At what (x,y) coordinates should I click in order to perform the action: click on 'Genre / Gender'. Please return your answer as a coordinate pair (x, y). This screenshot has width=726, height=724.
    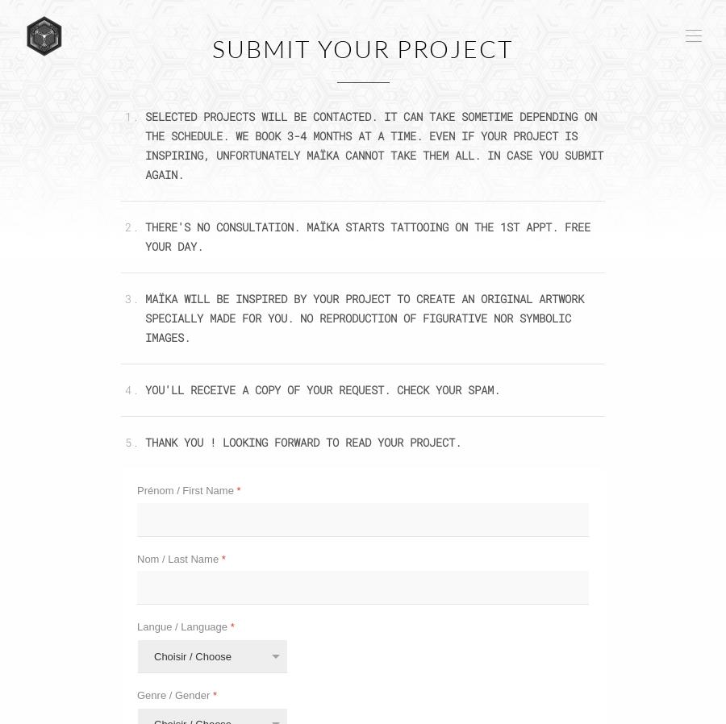
    Looking at the image, I should click on (174, 695).